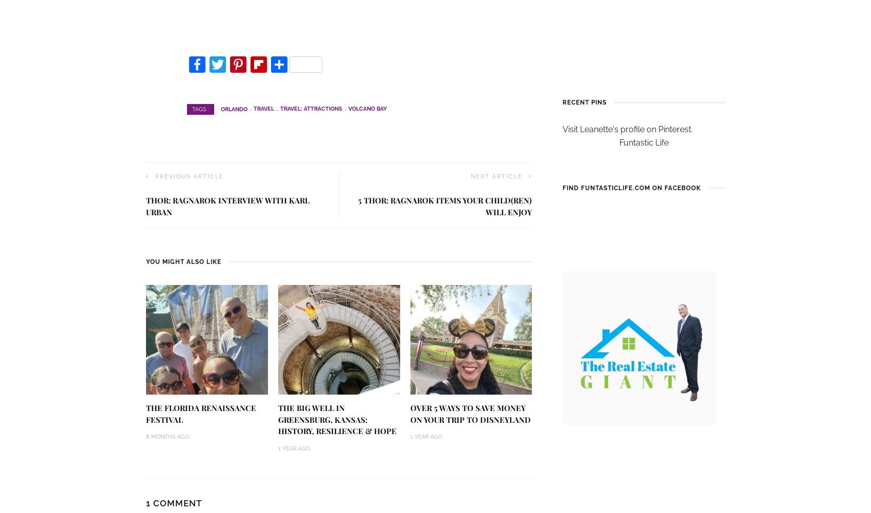 This screenshot has height=513, width=871. What do you see at coordinates (173, 502) in the screenshot?
I see `'1 Comment'` at bounding box center [173, 502].